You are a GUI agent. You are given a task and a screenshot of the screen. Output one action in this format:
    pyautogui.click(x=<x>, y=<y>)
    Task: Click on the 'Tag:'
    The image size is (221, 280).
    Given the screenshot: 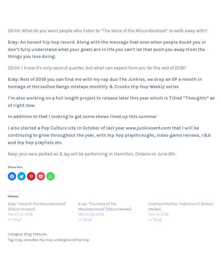 What is the action you would take?
    pyautogui.click(x=11, y=239)
    